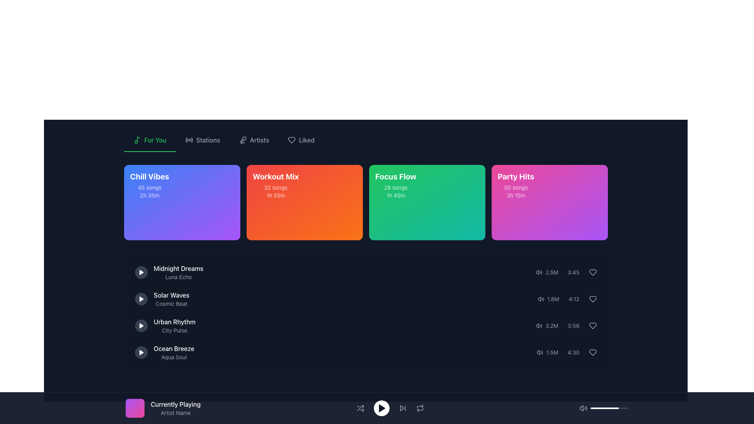 Image resolution: width=754 pixels, height=424 pixels. I want to click on the text label that reads '45 songs', which is styled with a small font size and slight opacity, located within the 'Chill Vibes' playlist card, so click(150, 188).